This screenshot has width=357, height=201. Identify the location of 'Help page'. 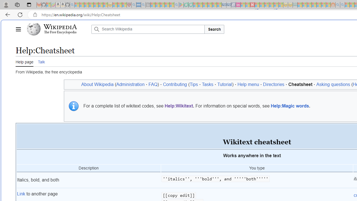
(24, 61).